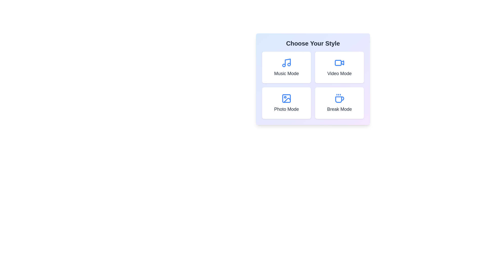 The width and height of the screenshot is (489, 275). Describe the element at coordinates (286, 67) in the screenshot. I see `the button labeled Music Mode to trigger additional actions` at that location.